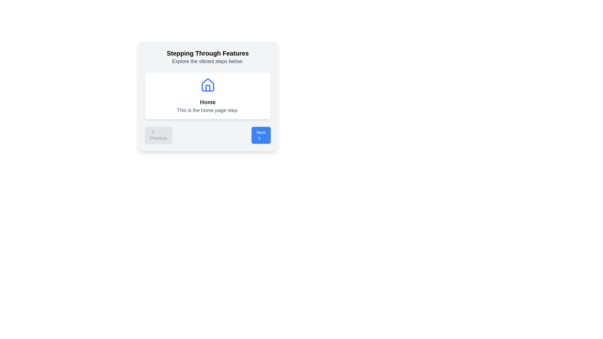  What do you see at coordinates (261, 135) in the screenshot?
I see `the rightmost button in the horizontal group of buttons at the bottom of the card` at bounding box center [261, 135].